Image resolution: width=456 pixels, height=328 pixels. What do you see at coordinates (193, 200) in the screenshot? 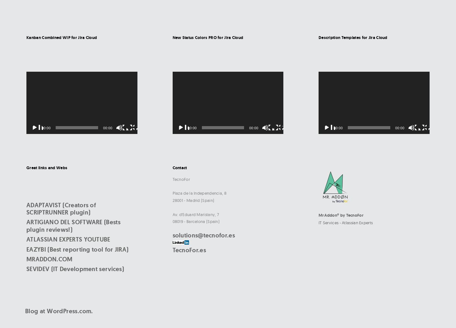
I see `'28001 - Madrid (Spain)'` at bounding box center [193, 200].